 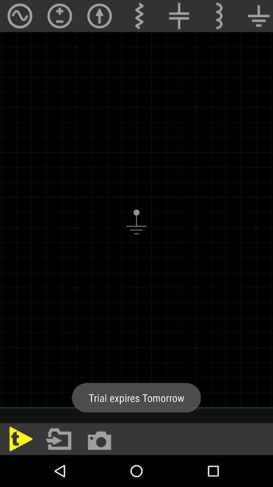 What do you see at coordinates (99, 16) in the screenshot?
I see `the arrow_upward icon` at bounding box center [99, 16].